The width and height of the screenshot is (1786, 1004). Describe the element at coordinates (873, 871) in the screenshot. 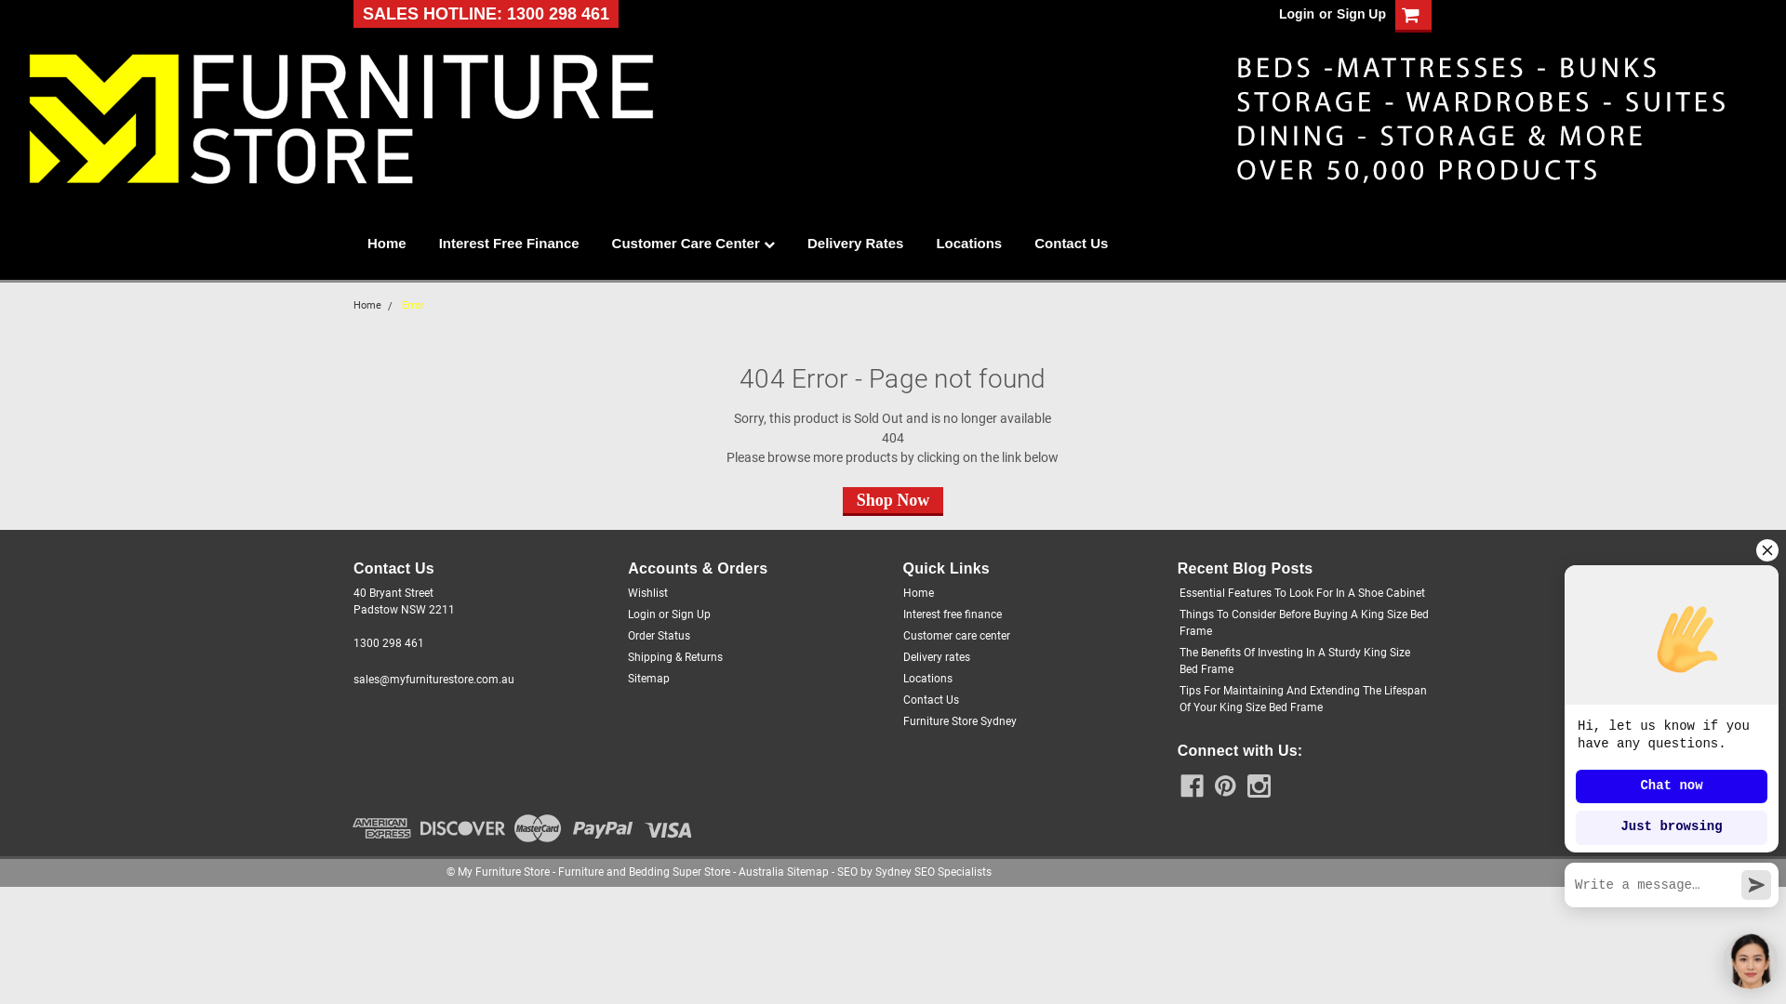

I see `'Sydney SEO Specialists'` at that location.